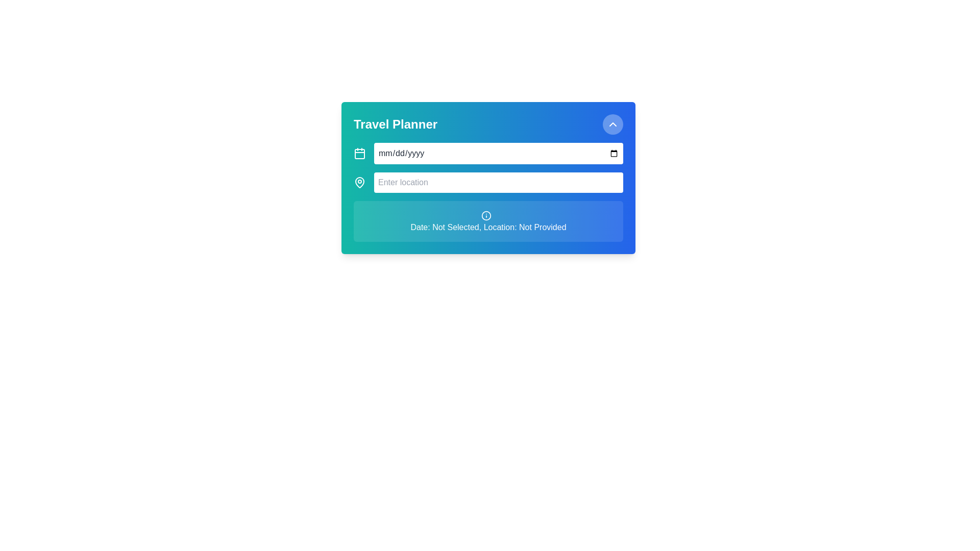 The width and height of the screenshot is (980, 551). Describe the element at coordinates (487, 221) in the screenshot. I see `the informational card that displays messages indicating missing inputs for date and location, located at the bottom of the input fields` at that location.